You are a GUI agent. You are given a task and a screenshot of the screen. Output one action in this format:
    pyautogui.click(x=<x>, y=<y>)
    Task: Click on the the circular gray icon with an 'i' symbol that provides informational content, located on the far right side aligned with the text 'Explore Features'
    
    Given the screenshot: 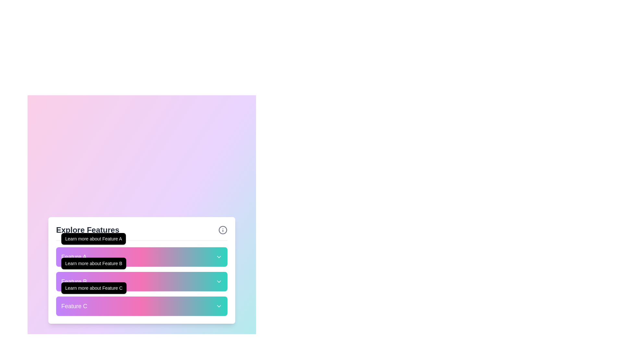 What is the action you would take?
    pyautogui.click(x=223, y=229)
    